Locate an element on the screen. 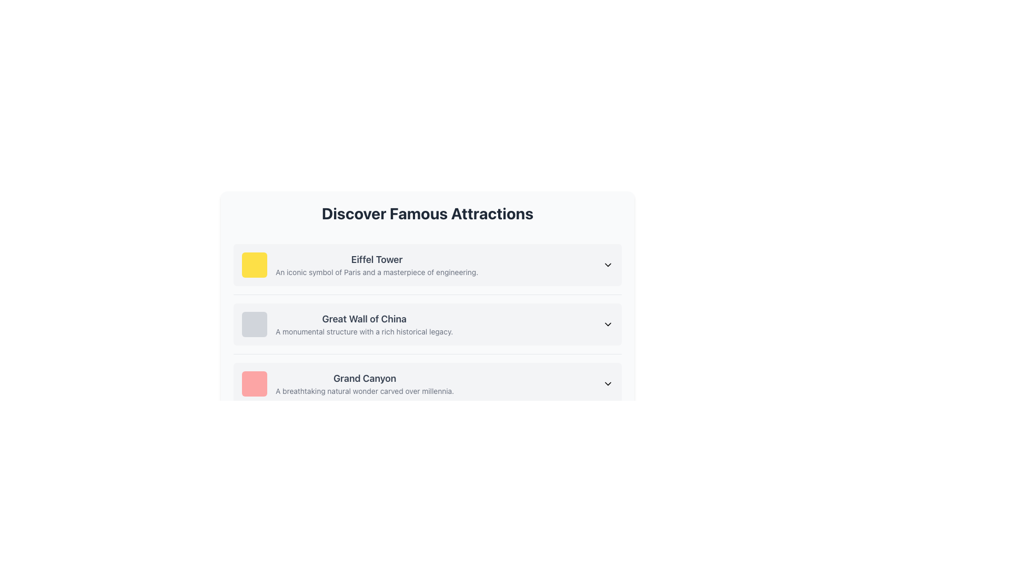 This screenshot has height=568, width=1010. the chevron-down arrow icon located at the far-right end of the item labeled 'Grand Canyon' is located at coordinates (608, 383).